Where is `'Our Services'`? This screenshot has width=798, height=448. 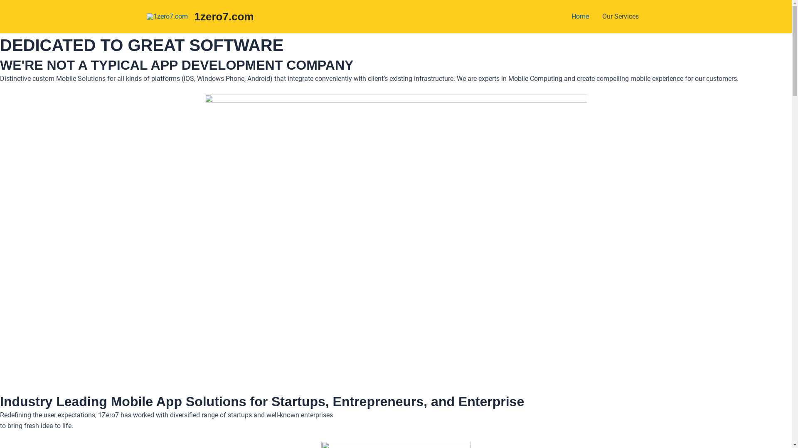
'Our Services' is located at coordinates (620, 16).